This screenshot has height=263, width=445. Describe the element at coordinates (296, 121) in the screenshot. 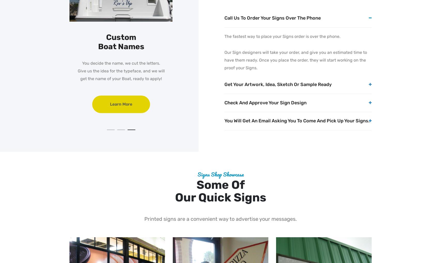

I see `'you will get an email asking you to come and pick up your signs.'` at that location.